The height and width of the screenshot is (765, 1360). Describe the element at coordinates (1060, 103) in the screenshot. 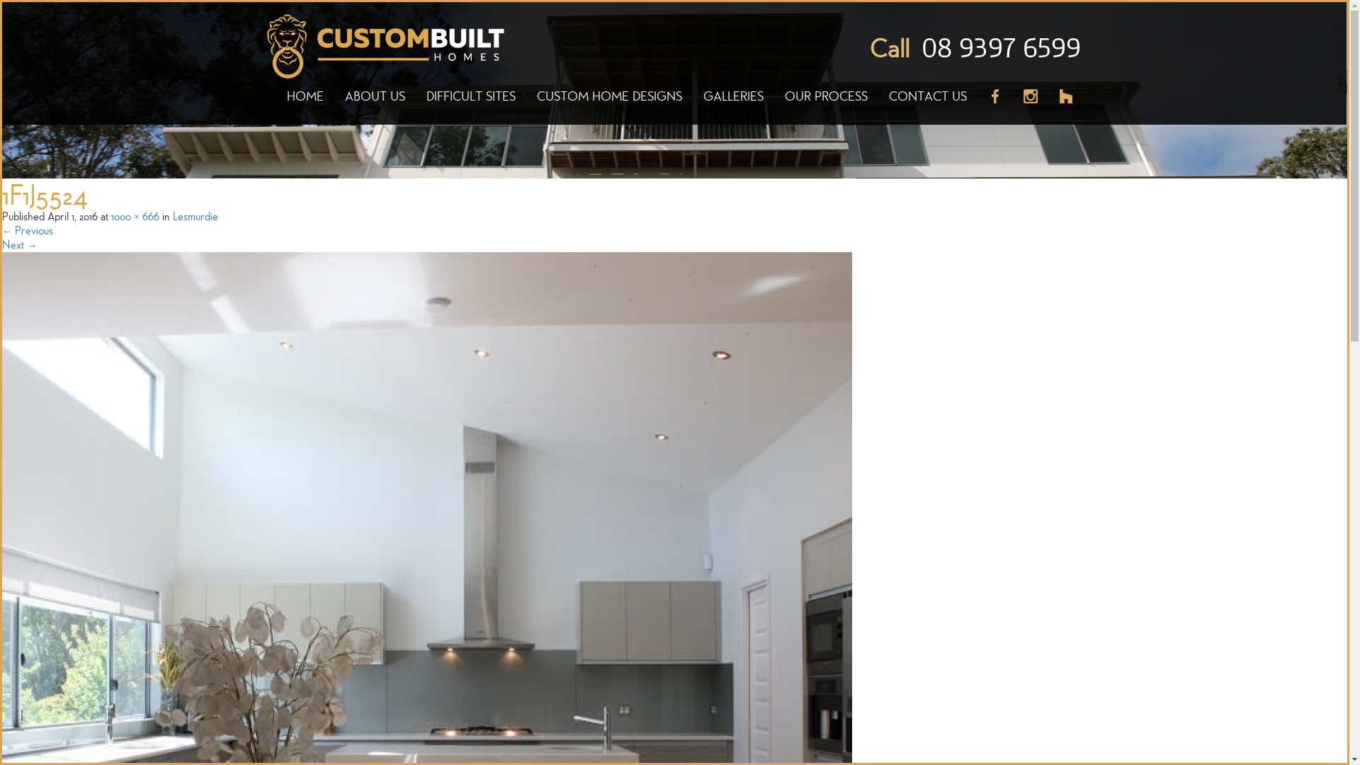

I see `'<span class="icon-ho"></span>'` at that location.